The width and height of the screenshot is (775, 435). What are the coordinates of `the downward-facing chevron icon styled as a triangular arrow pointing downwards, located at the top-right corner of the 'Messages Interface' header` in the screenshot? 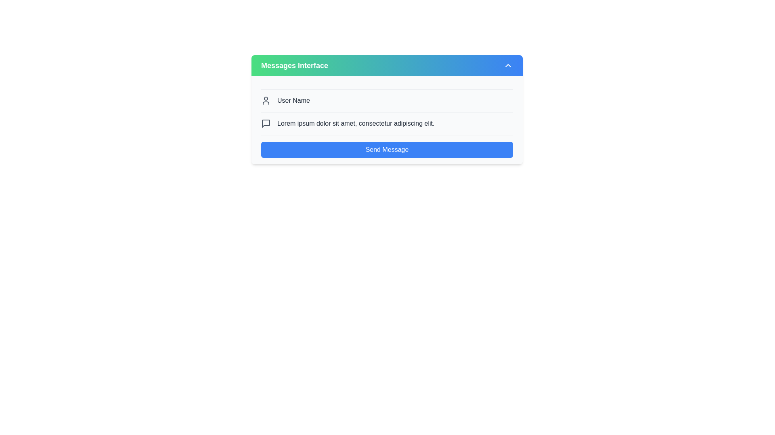 It's located at (507, 65).